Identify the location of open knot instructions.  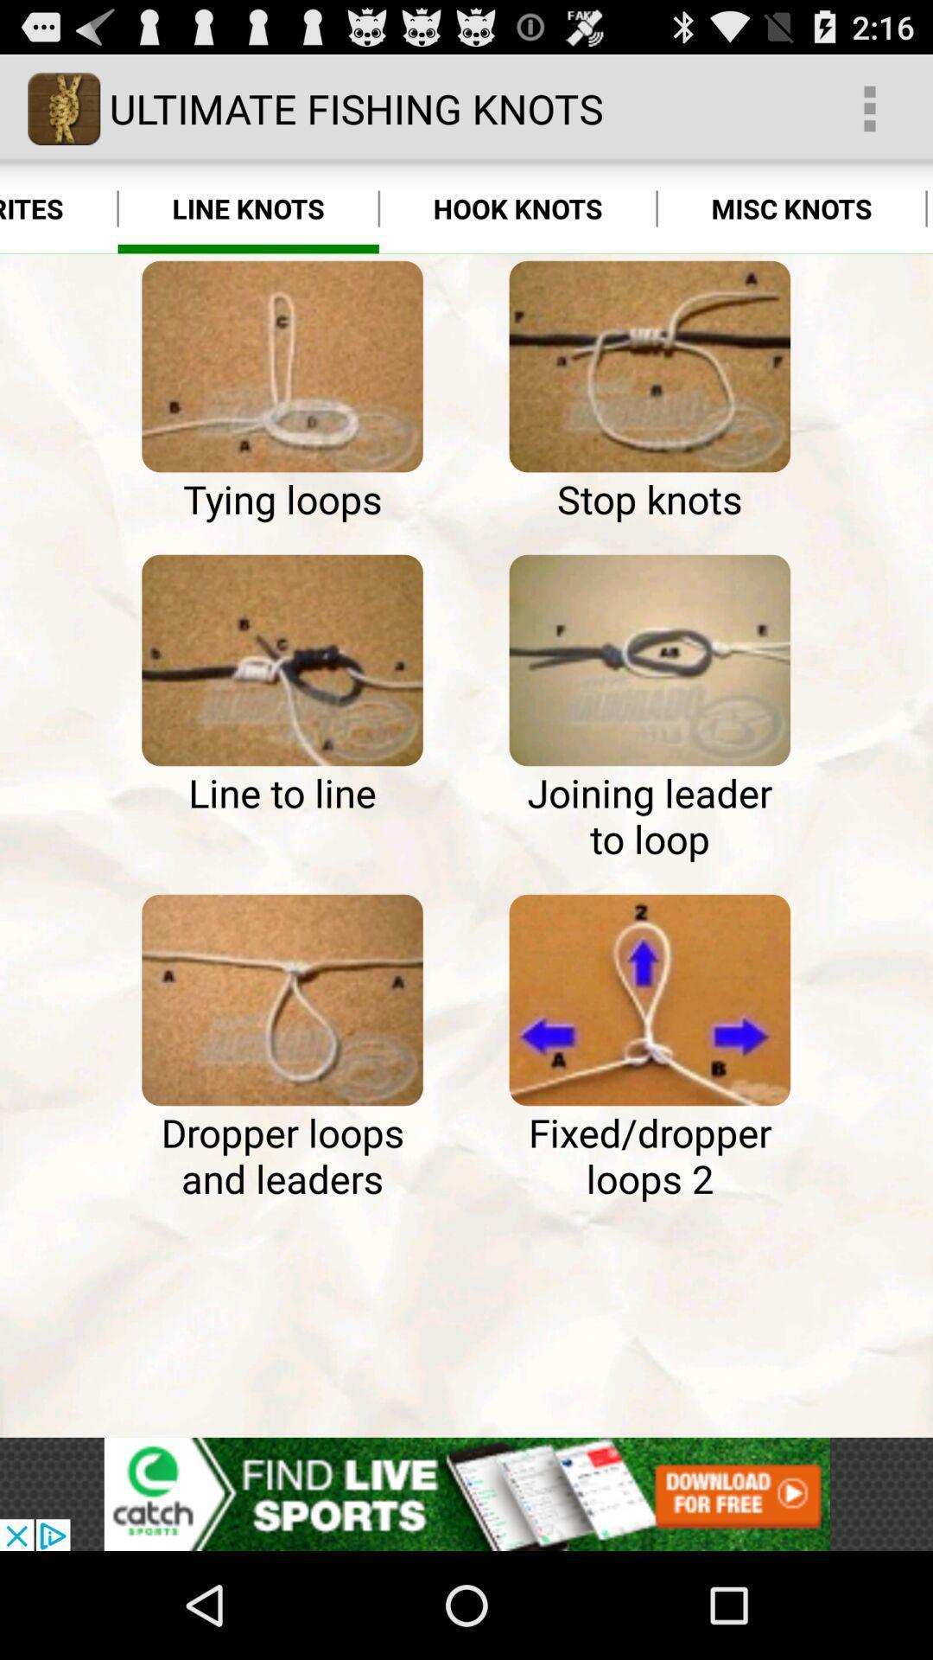
(650, 999).